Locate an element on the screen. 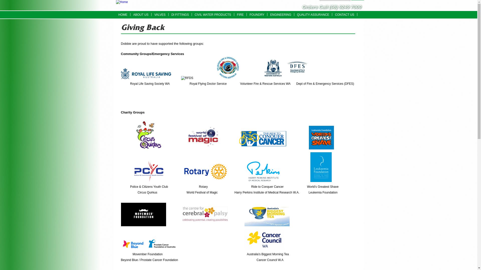 This screenshot has height=270, width=481. 'DFES' is located at coordinates (286, 68).